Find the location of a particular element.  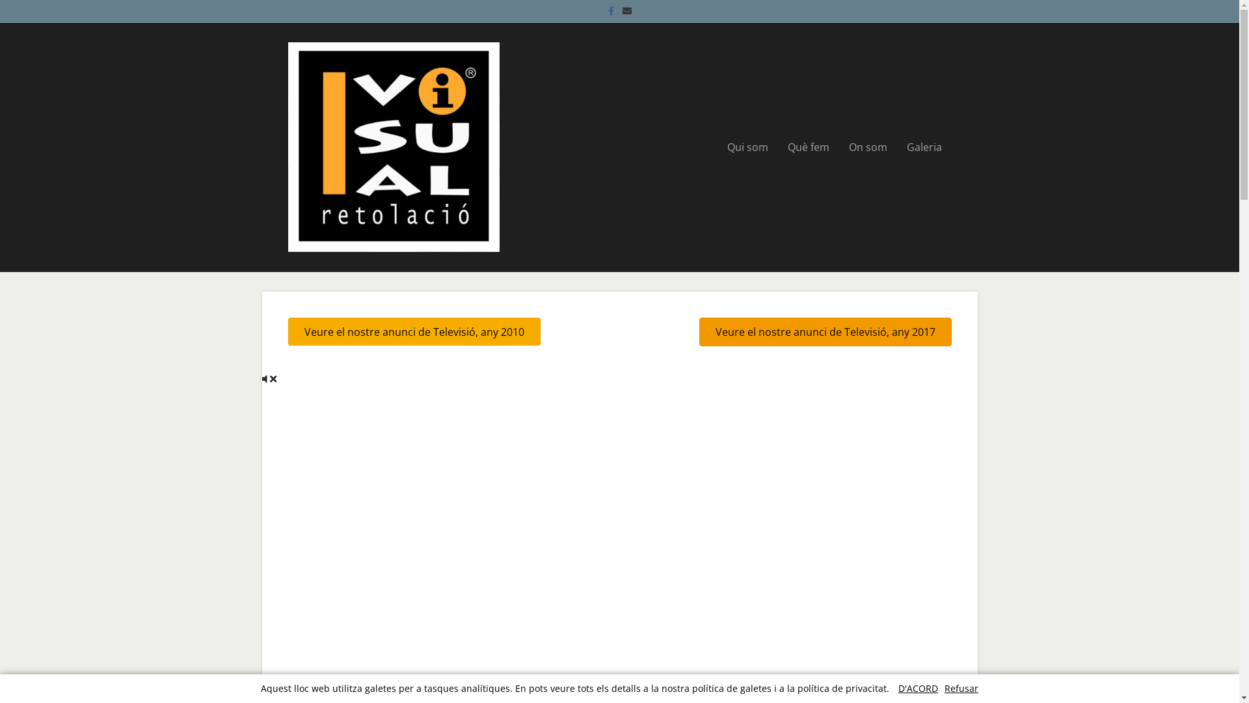

'Refusar' is located at coordinates (944, 687).